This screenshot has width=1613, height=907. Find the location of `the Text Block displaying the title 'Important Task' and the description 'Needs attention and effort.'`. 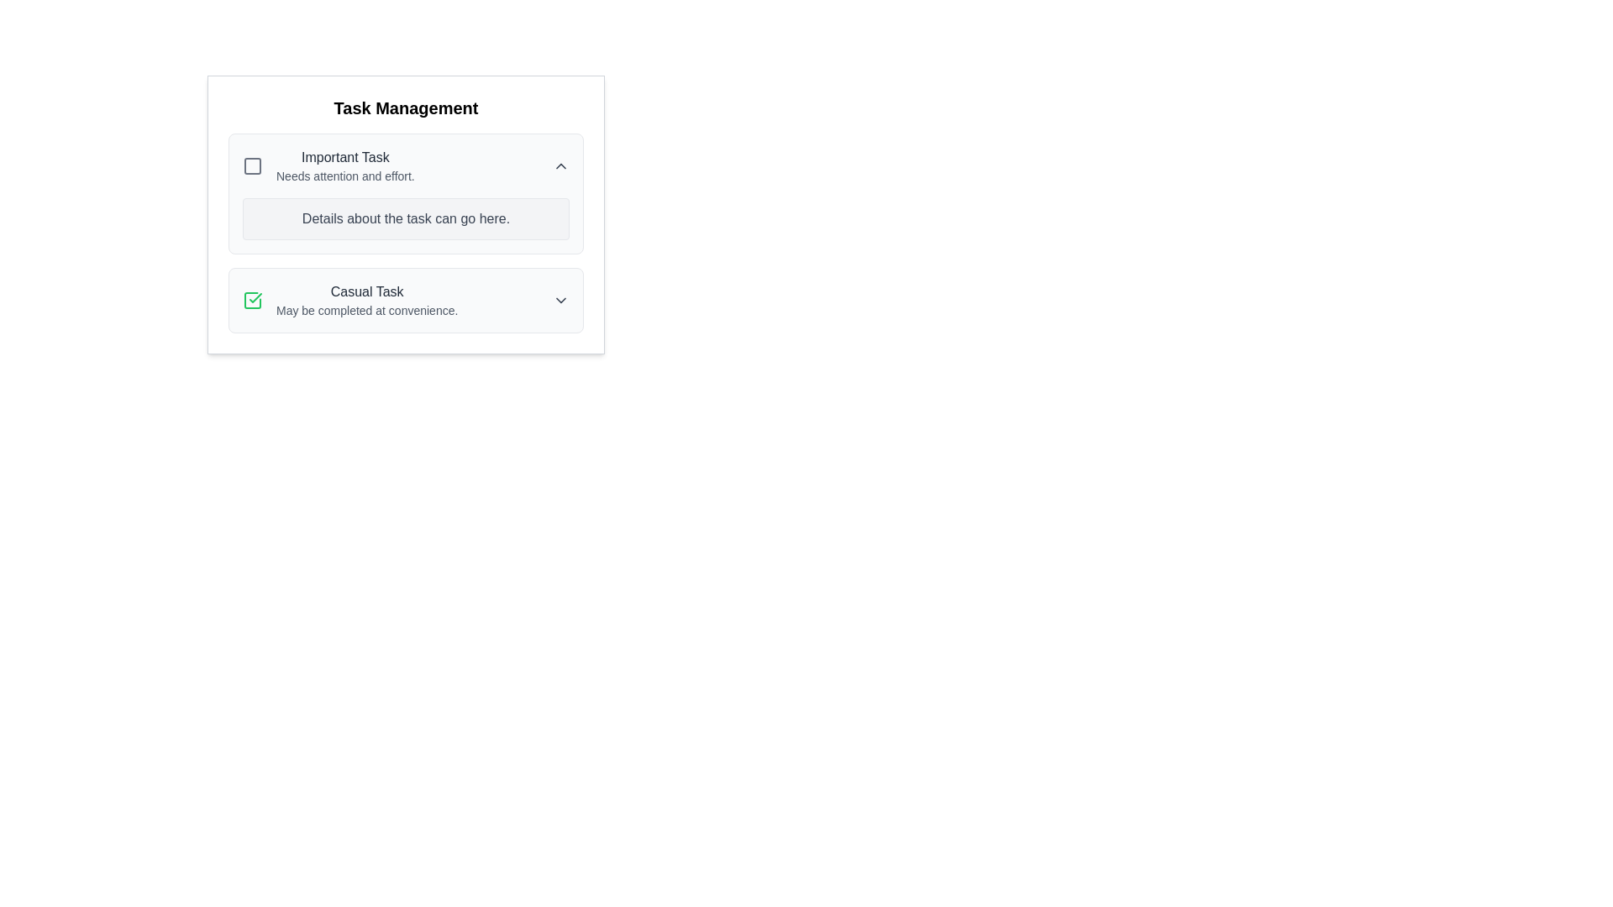

the Text Block displaying the title 'Important Task' and the description 'Needs attention and effort.' is located at coordinates (344, 165).